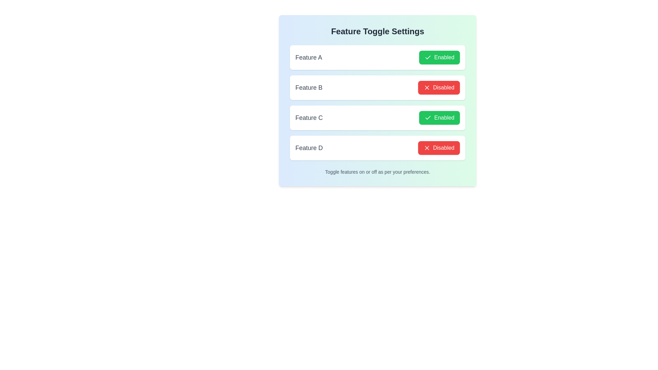  I want to click on the checkmark icon that indicates the enabled state of Feature C, located on the left side of the 'Enabled' button, so click(428, 117).